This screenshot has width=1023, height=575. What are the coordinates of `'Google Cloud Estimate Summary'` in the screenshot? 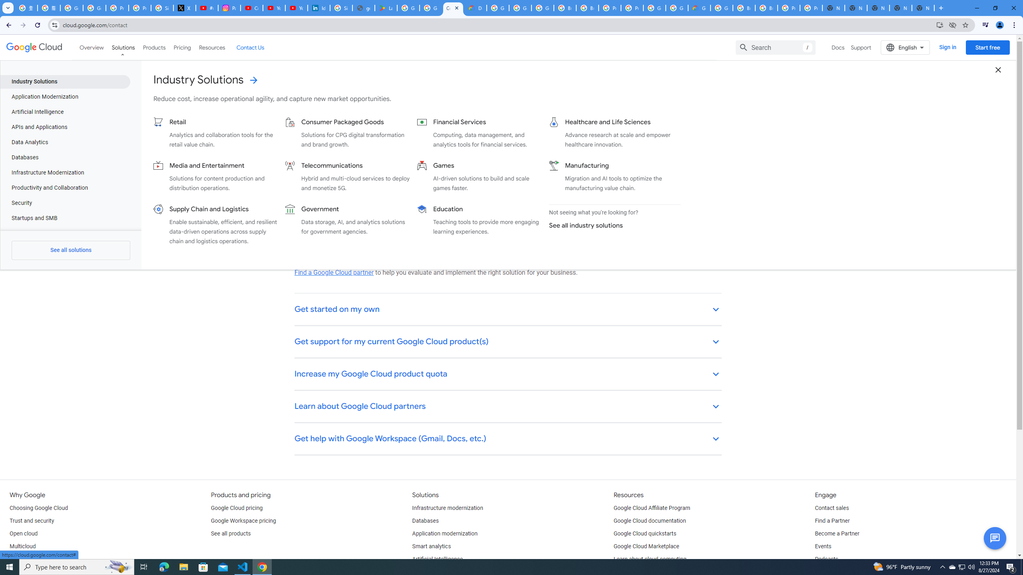 It's located at (699, 8).